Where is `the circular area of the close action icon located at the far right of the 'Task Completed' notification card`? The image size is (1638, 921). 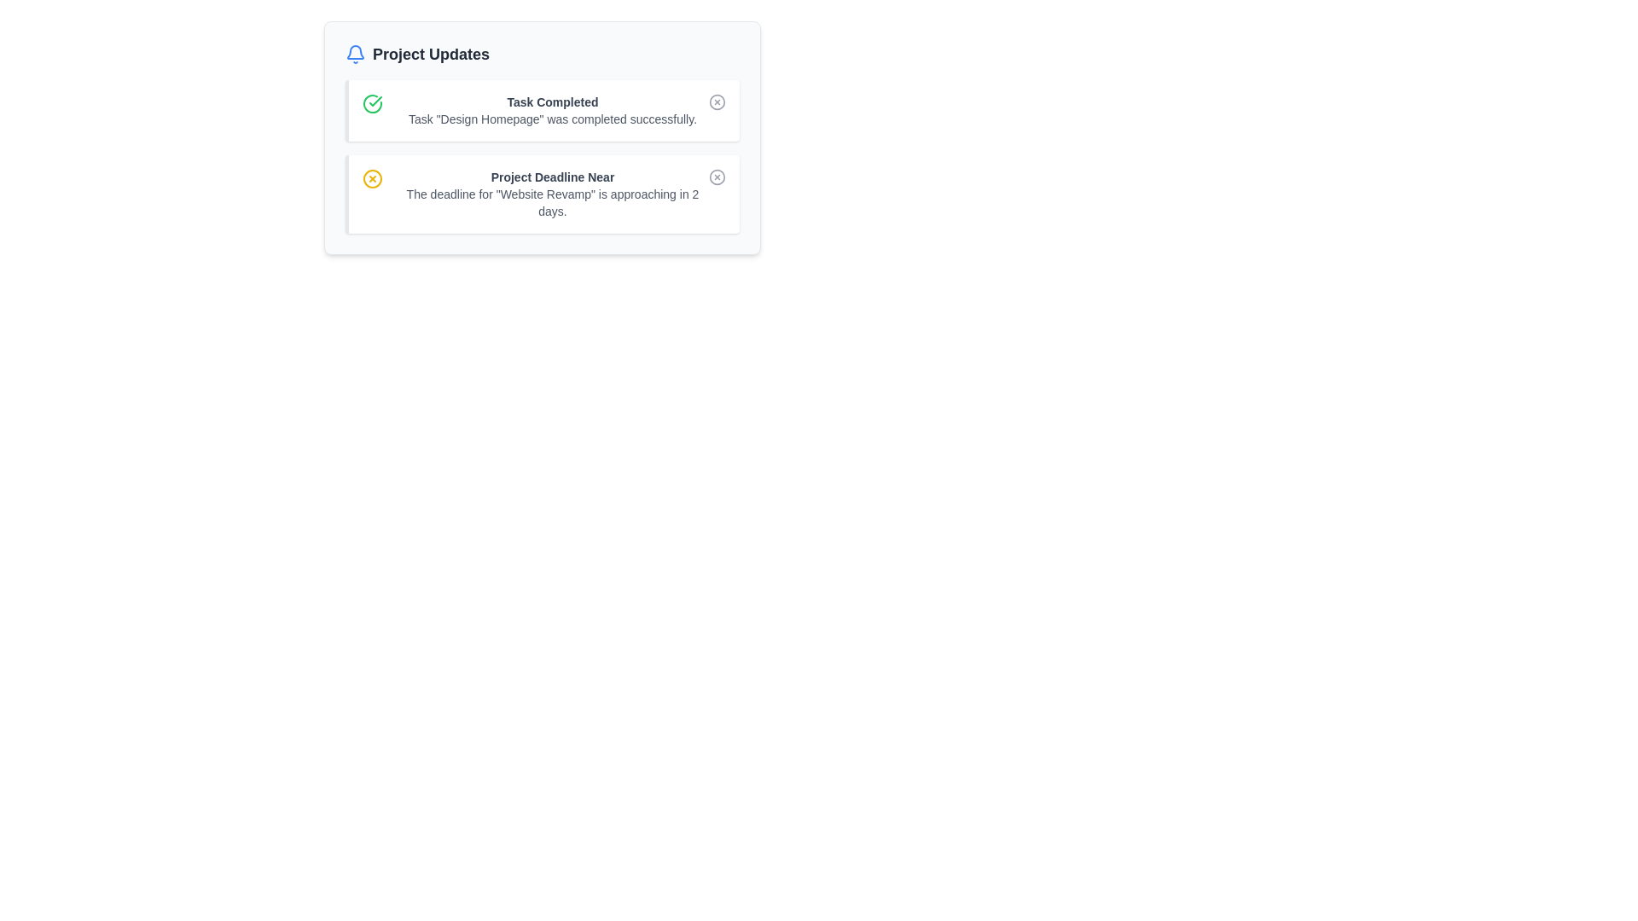 the circular area of the close action icon located at the far right of the 'Task Completed' notification card is located at coordinates (717, 101).